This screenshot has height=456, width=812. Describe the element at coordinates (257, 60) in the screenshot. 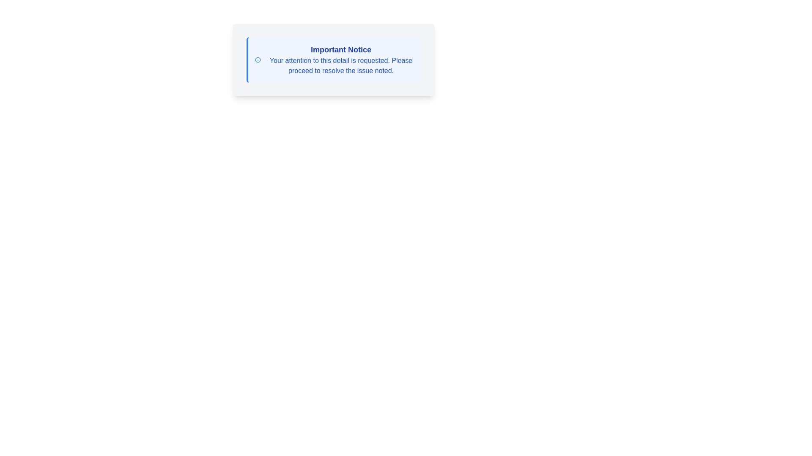

I see `the circular part of the information icon located at the top-left of the 'Important Notice' notification card` at that location.